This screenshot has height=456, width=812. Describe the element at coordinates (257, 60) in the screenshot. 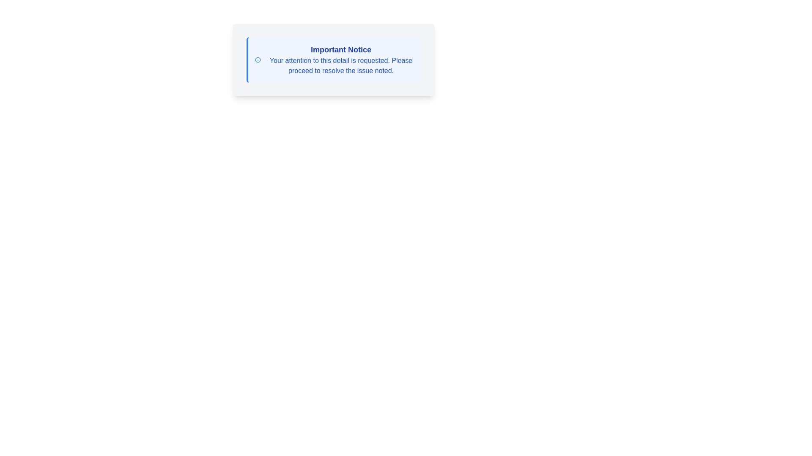

I see `the circular part of the information icon located at the top-left of the 'Important Notice' notification card` at that location.